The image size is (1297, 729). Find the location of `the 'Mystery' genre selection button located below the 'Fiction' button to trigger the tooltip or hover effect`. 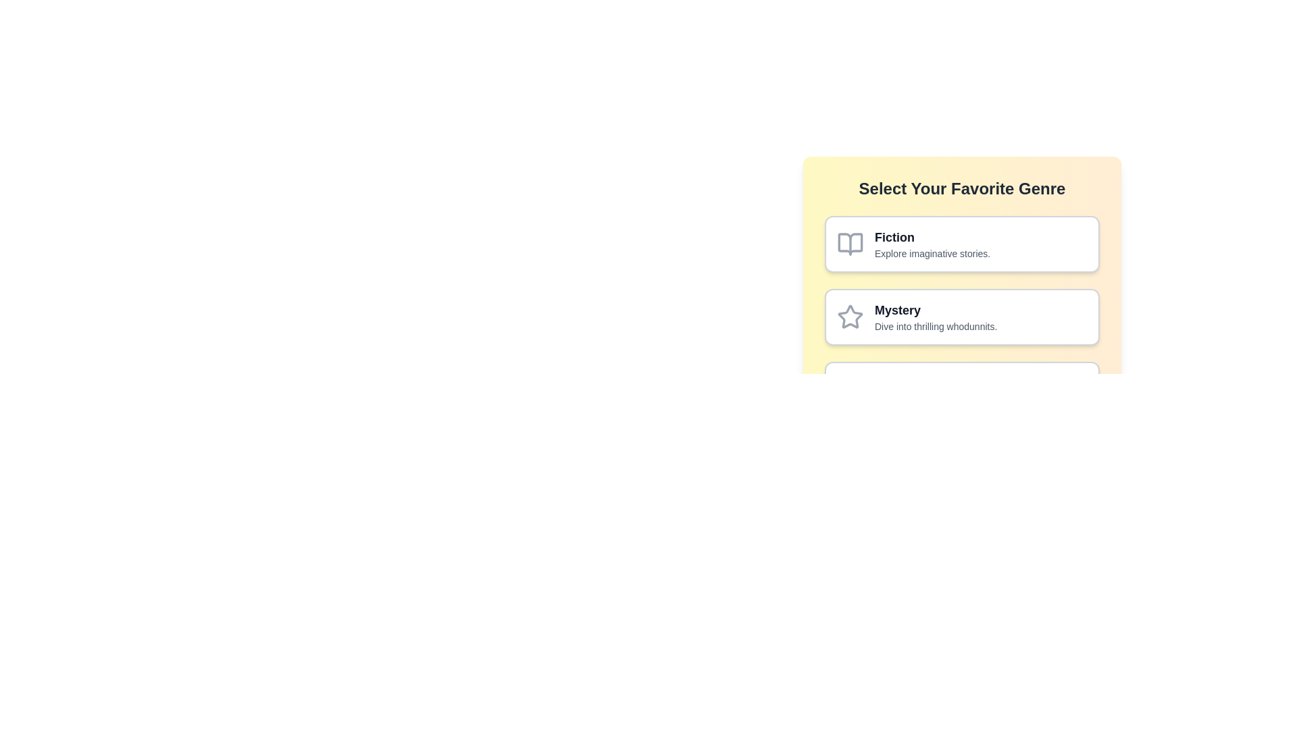

the 'Mystery' genre selection button located below the 'Fiction' button to trigger the tooltip or hover effect is located at coordinates (961, 298).